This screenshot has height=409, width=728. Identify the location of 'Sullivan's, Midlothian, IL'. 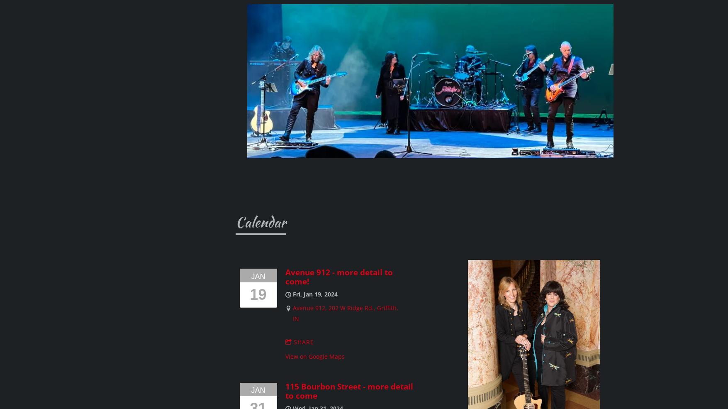
(263, 108).